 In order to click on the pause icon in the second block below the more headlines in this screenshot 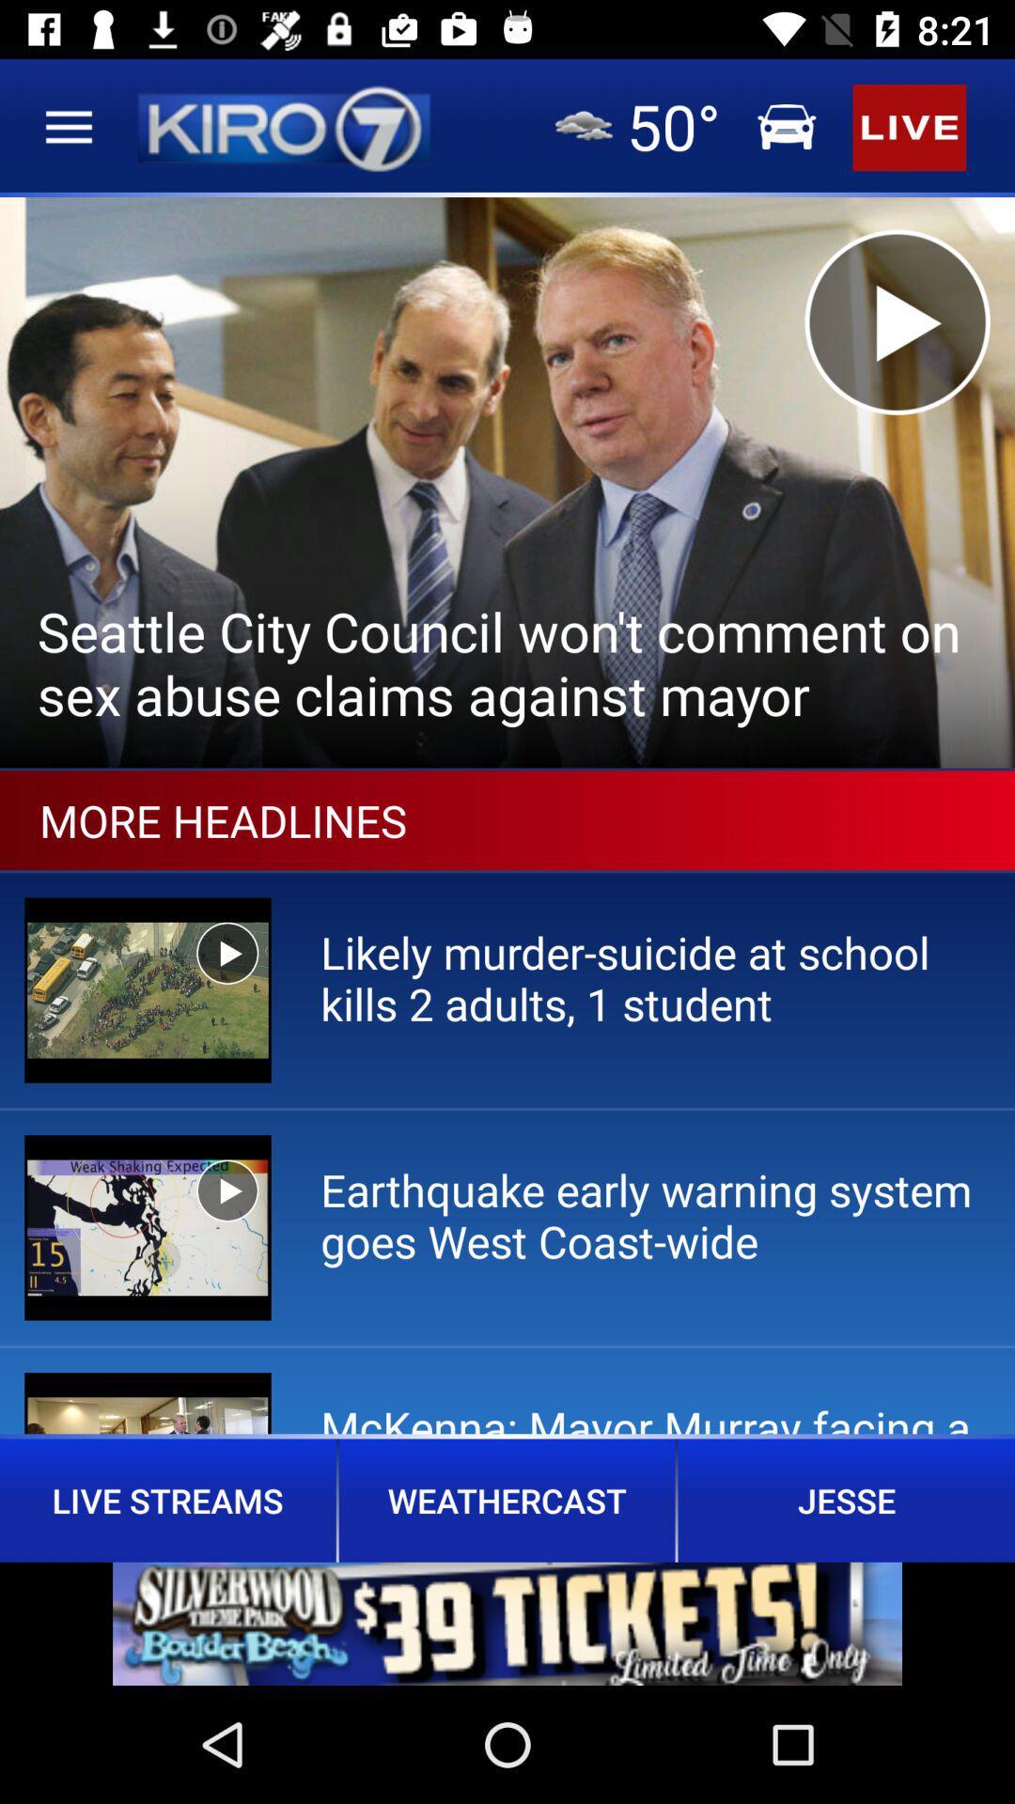, I will do `click(226, 1190)`.